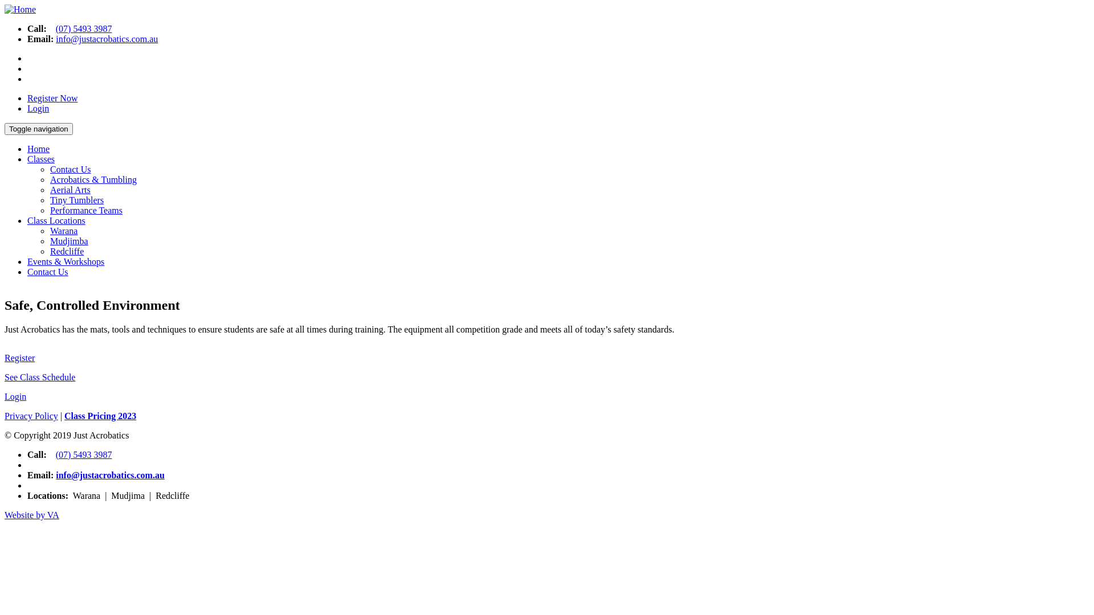  What do you see at coordinates (15, 396) in the screenshot?
I see `'Login'` at bounding box center [15, 396].